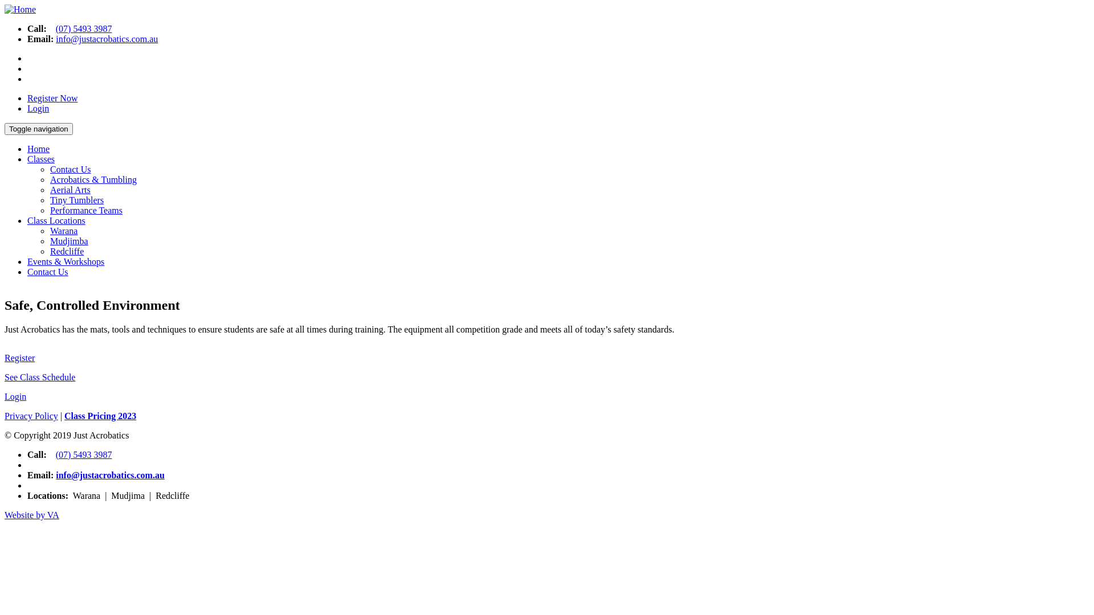  What do you see at coordinates (15, 396) in the screenshot?
I see `'Login'` at bounding box center [15, 396].